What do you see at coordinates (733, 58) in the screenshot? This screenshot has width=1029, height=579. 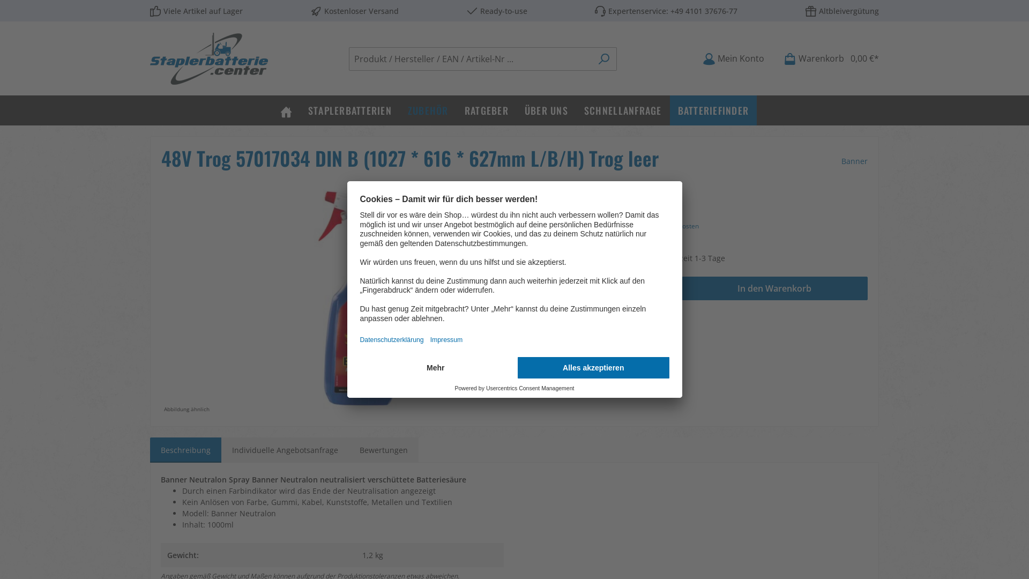 I see `'Mein Konto'` at bounding box center [733, 58].